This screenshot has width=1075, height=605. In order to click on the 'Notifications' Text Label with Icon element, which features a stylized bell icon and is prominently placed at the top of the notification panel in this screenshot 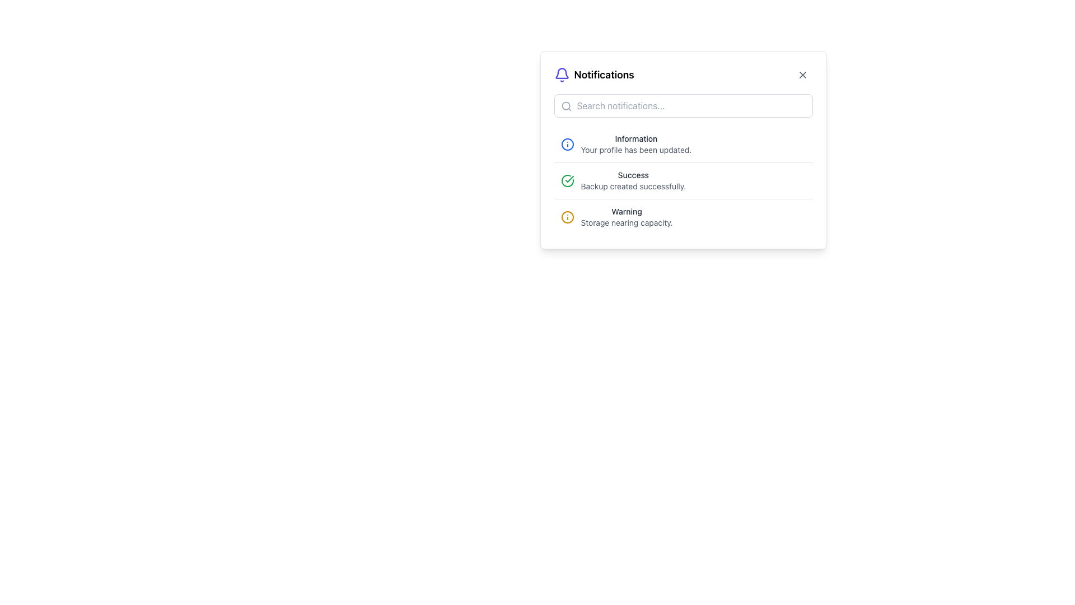, I will do `click(593, 75)`.